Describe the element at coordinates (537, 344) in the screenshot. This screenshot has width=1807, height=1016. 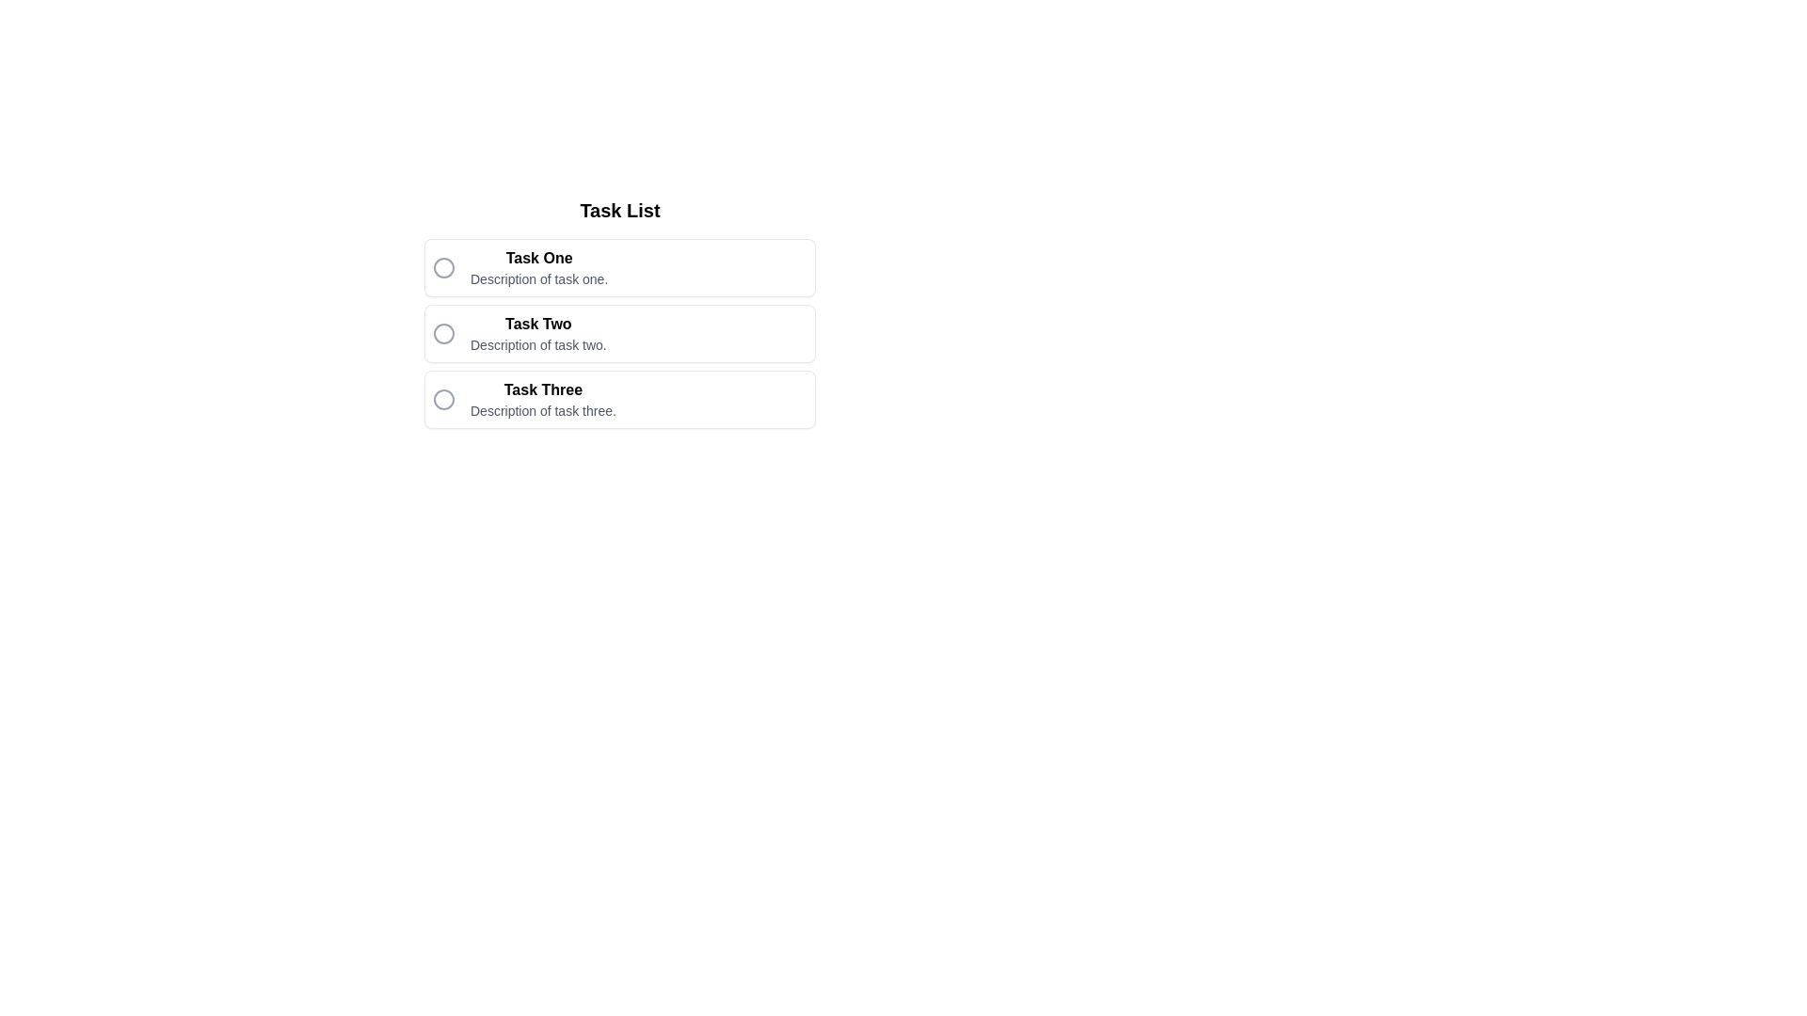
I see `descriptive text labeled 'Task Two', which is the second item in the structured list` at that location.